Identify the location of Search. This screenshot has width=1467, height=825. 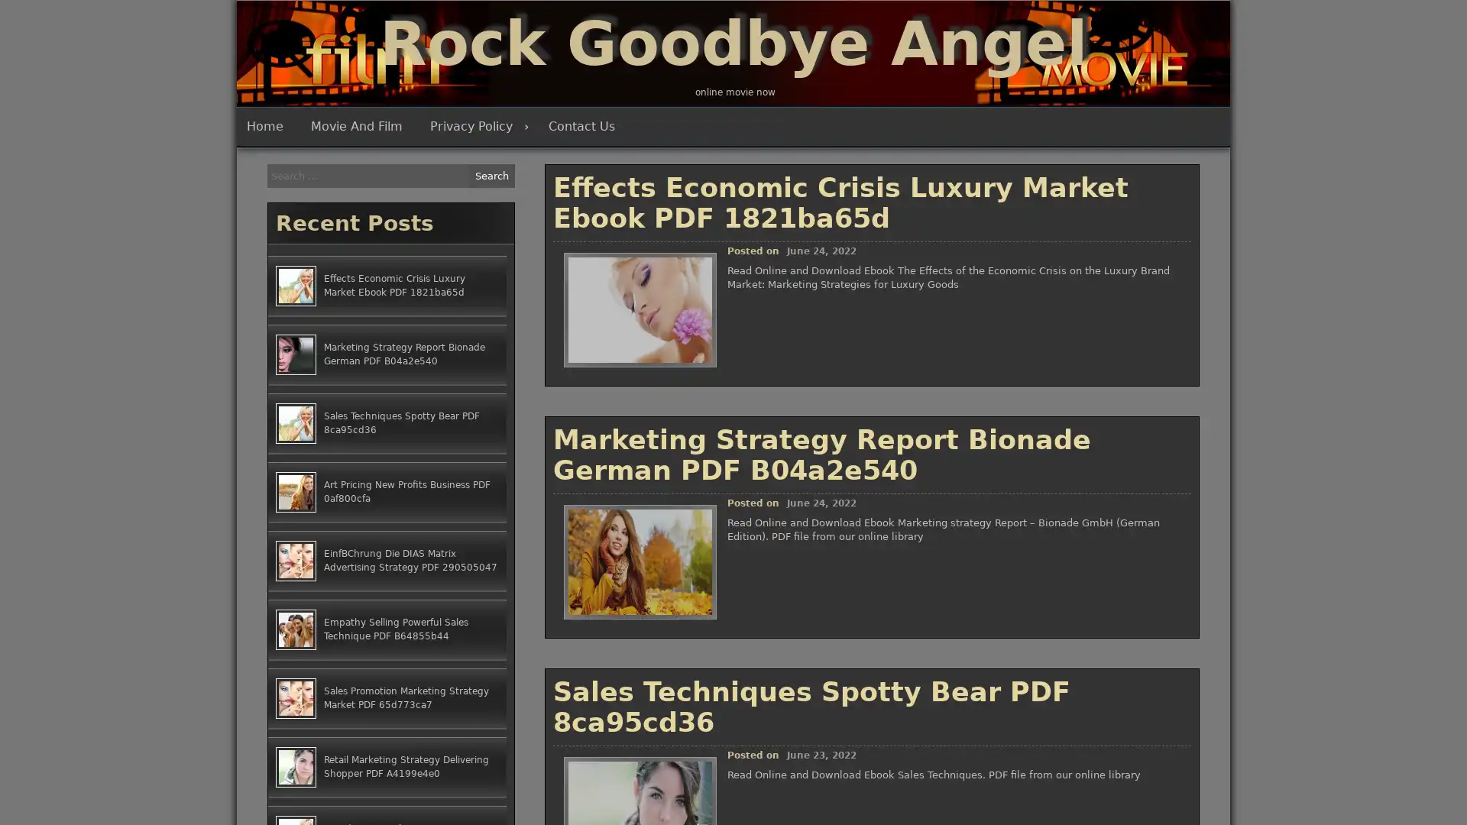
(491, 175).